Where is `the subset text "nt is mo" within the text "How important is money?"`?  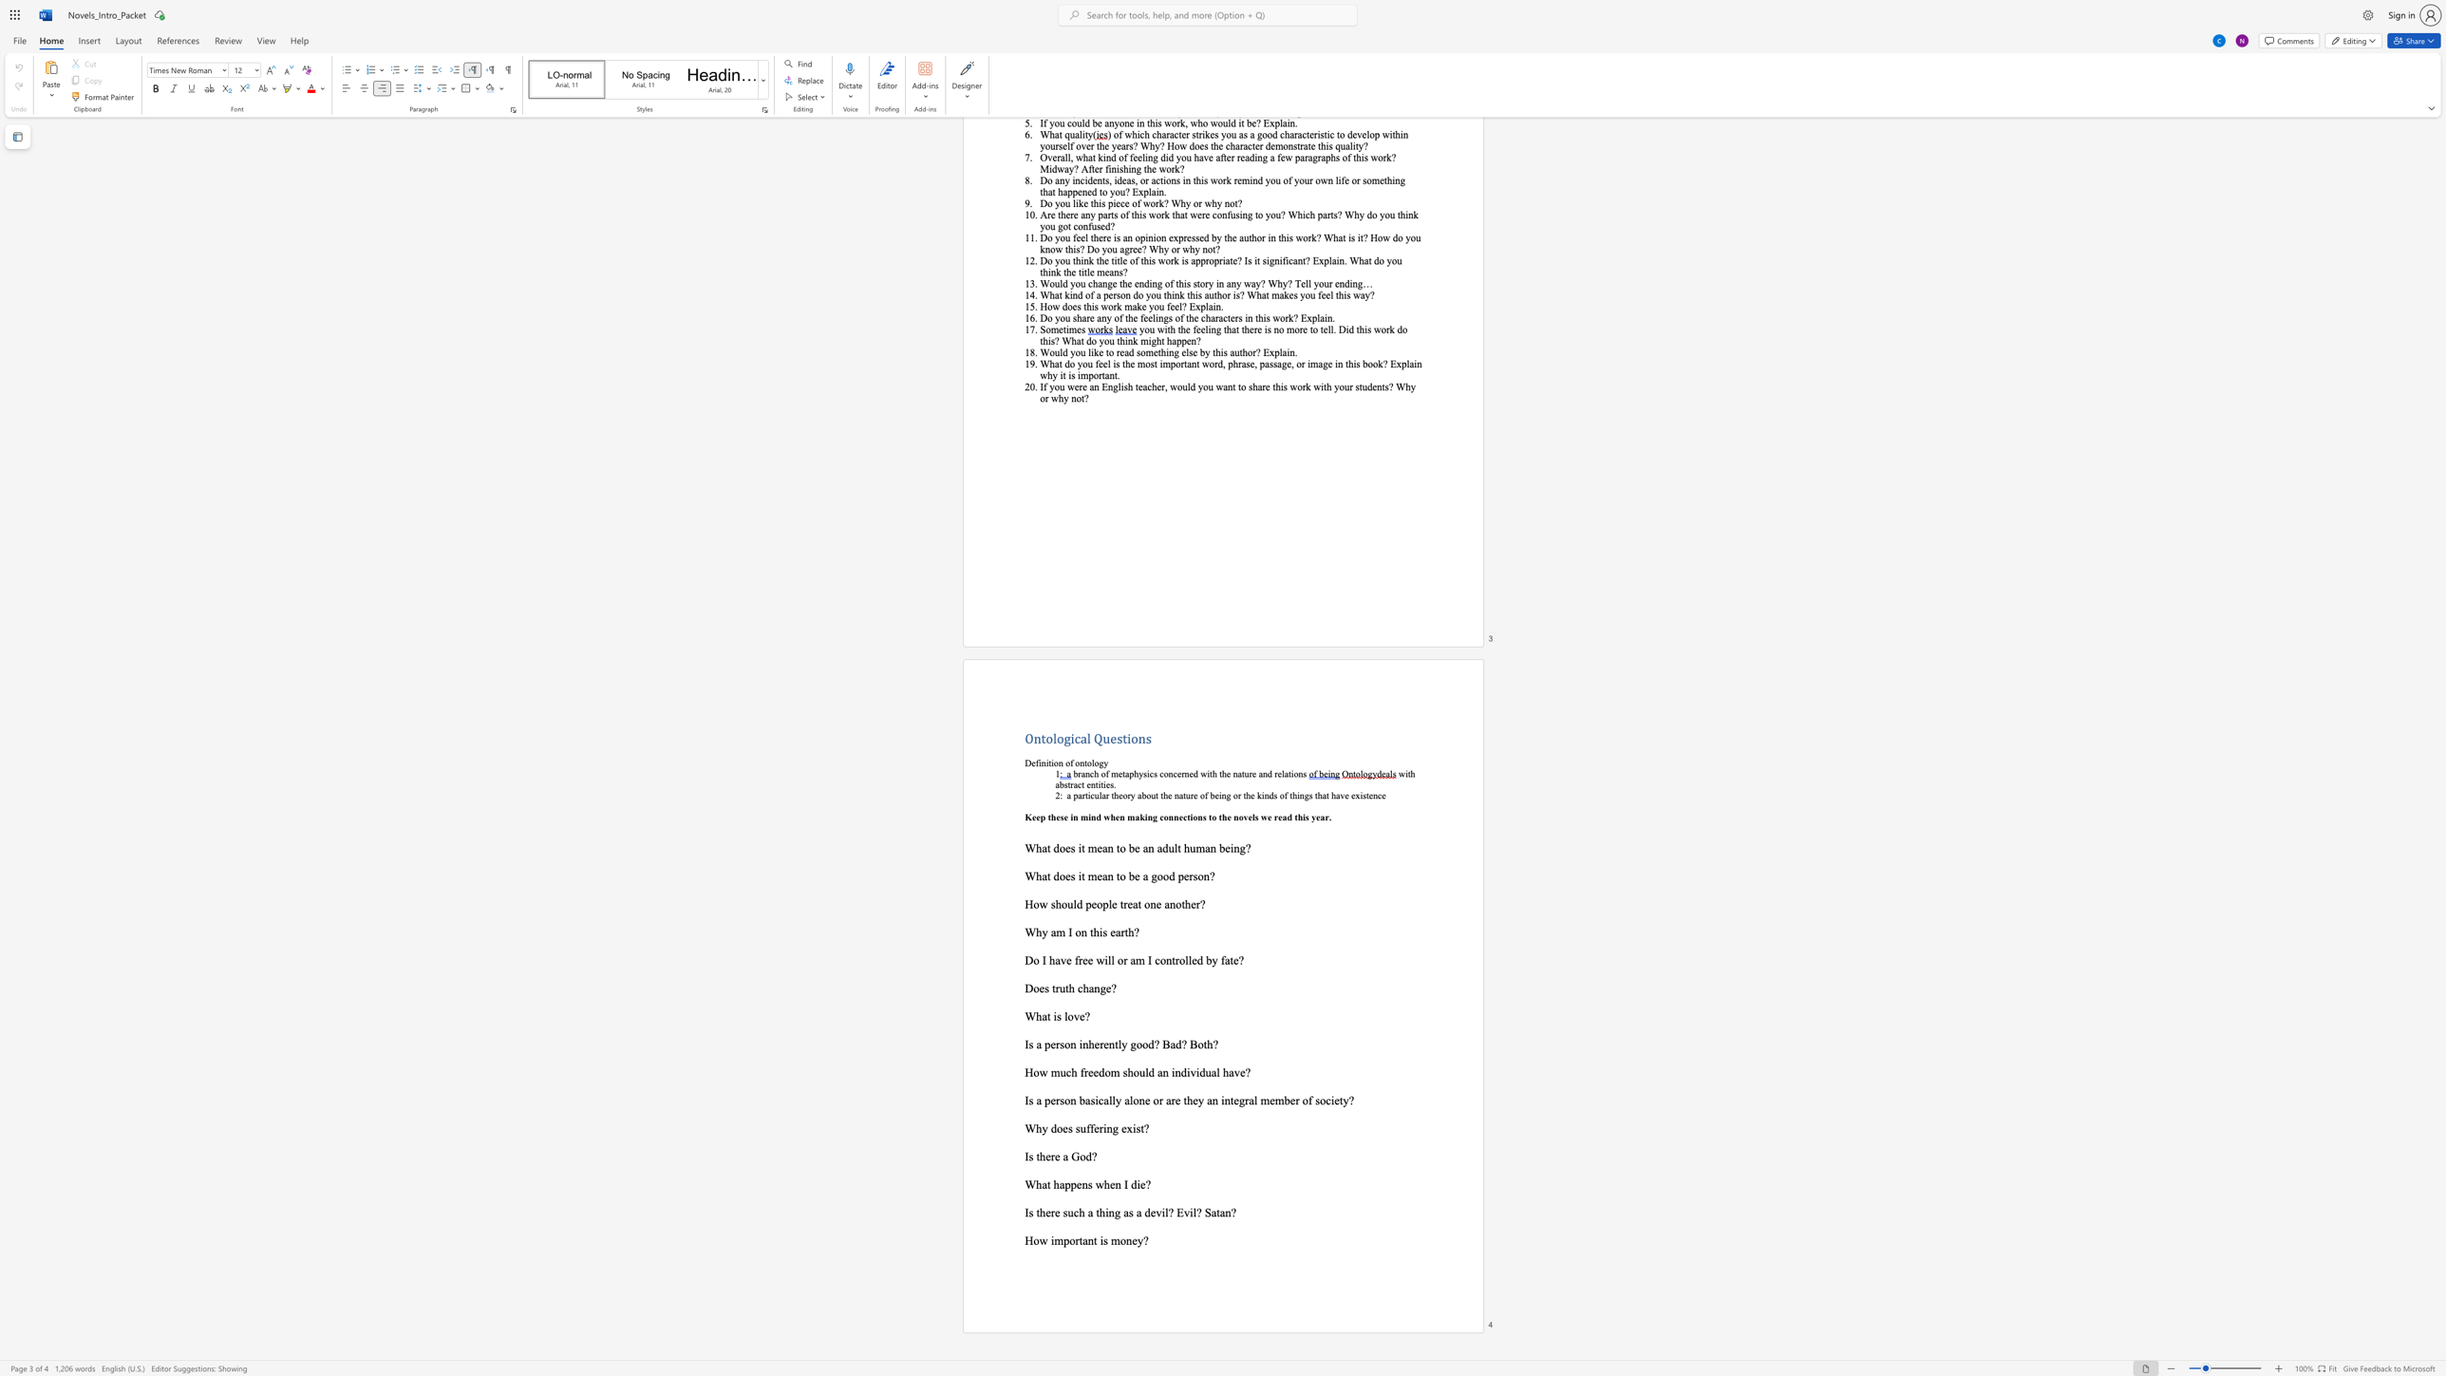
the subset text "nt is mo" within the text "How important is money?" is located at coordinates (1087, 1240).